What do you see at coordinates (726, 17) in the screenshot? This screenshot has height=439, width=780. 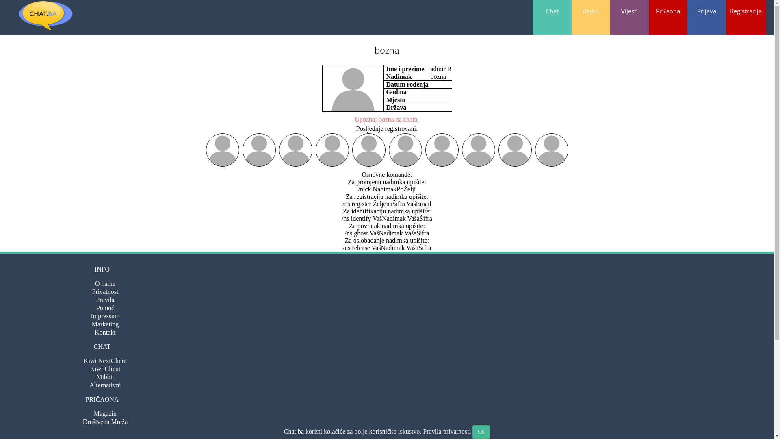 I see `'Registracija'` at bounding box center [726, 17].